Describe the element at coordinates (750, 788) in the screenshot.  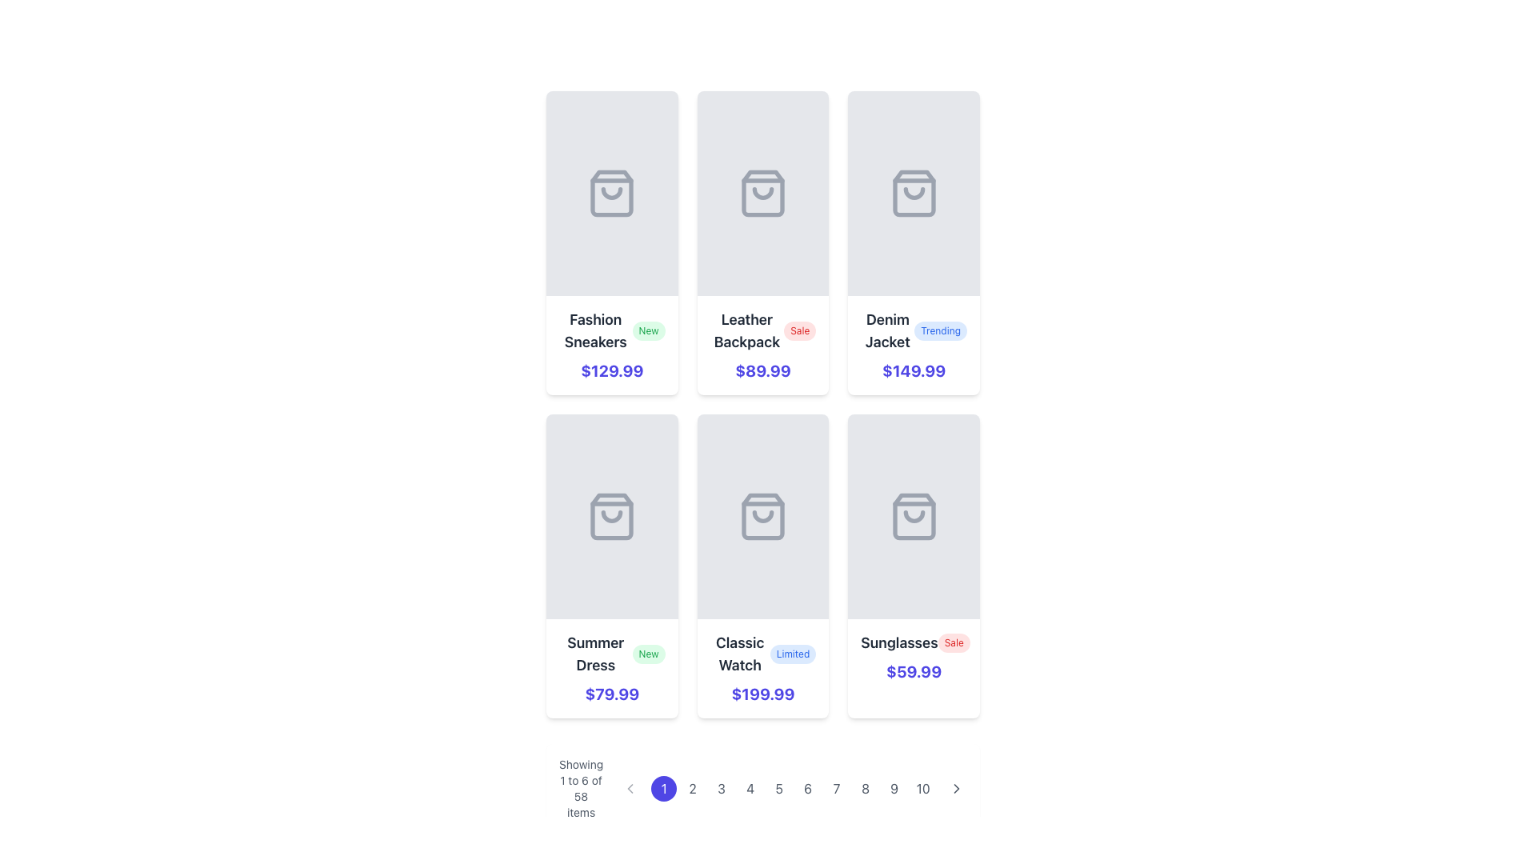
I see `the fourth button in the horizontal pagination control bar at the bottom center of the page` at that location.